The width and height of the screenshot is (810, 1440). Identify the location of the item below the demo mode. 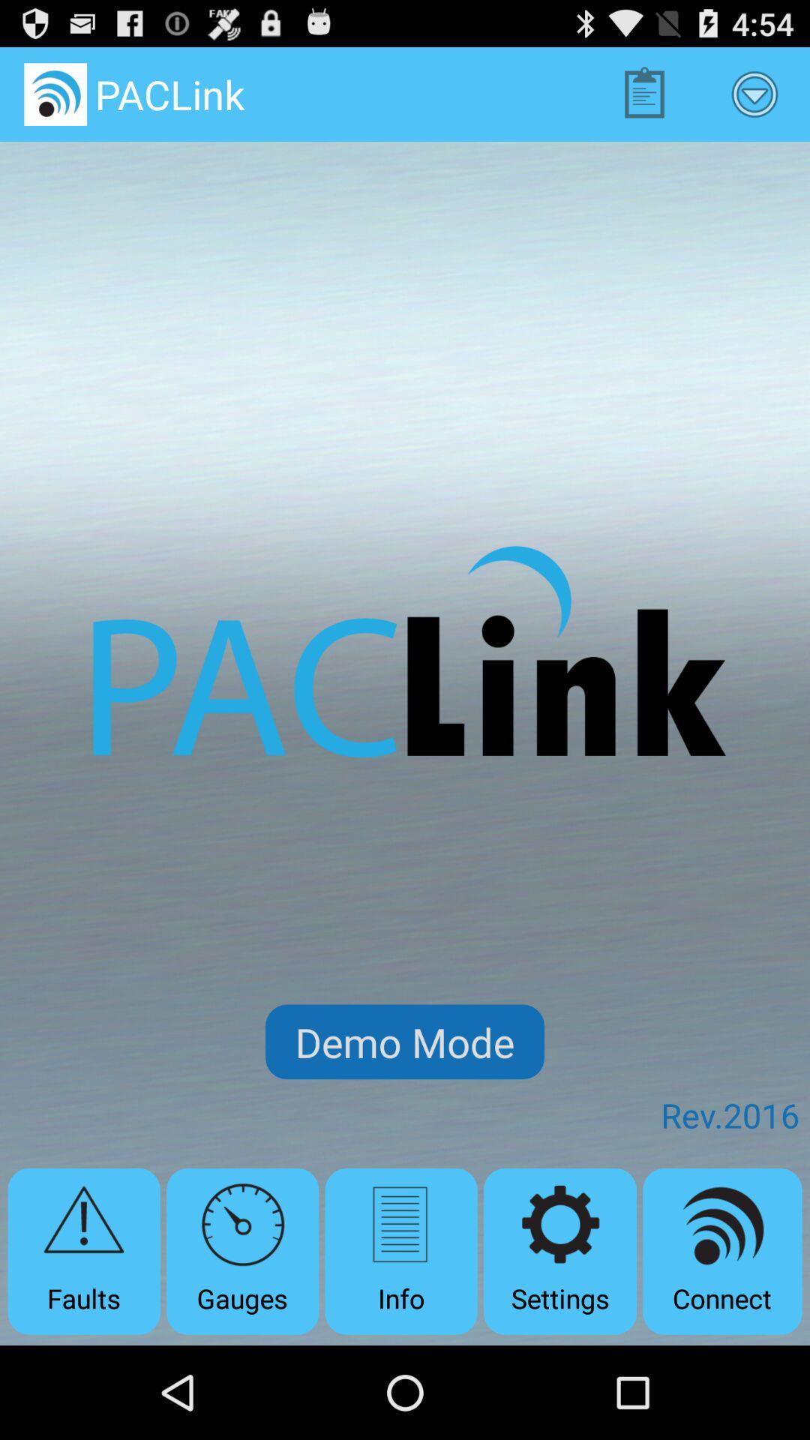
(560, 1251).